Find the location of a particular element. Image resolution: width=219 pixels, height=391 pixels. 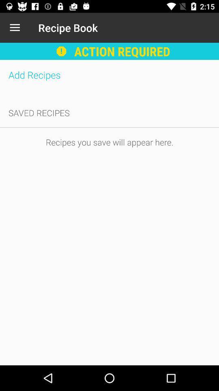

the item above saved recipes is located at coordinates (109, 75).